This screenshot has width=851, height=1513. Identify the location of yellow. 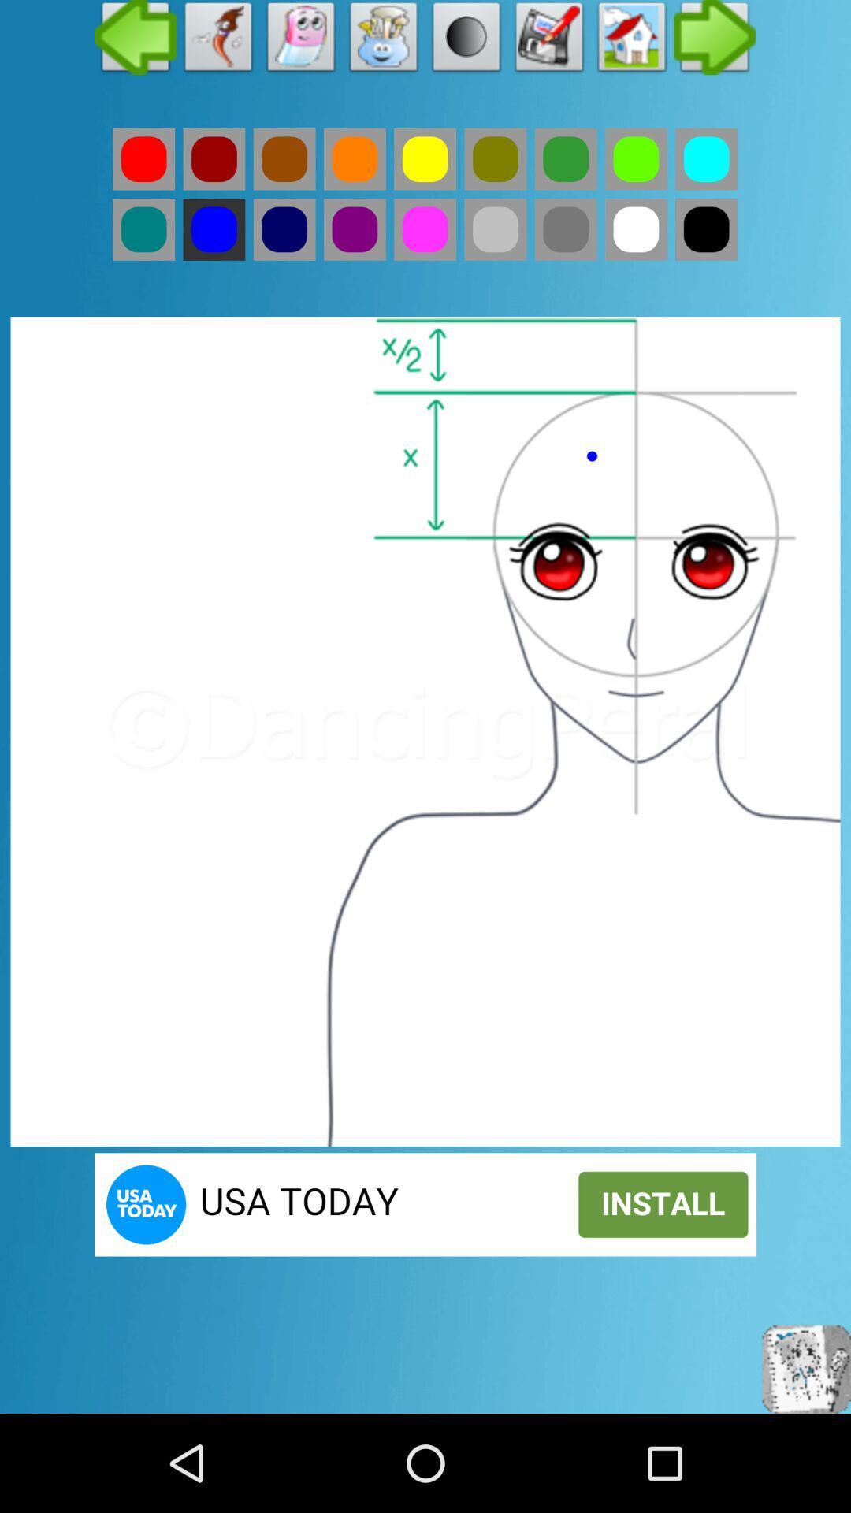
(424, 159).